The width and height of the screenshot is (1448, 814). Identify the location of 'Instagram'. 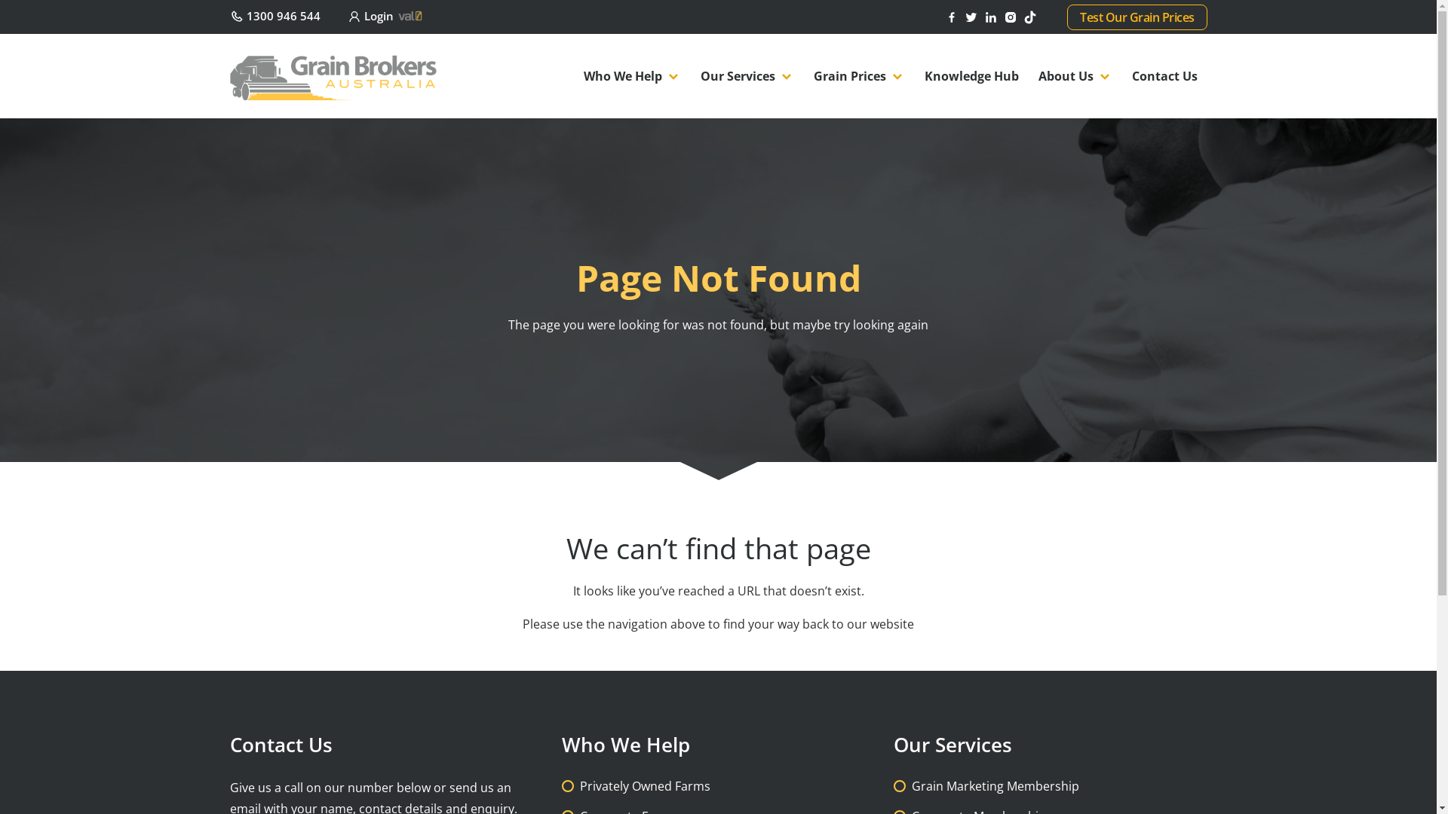
(1012, 15).